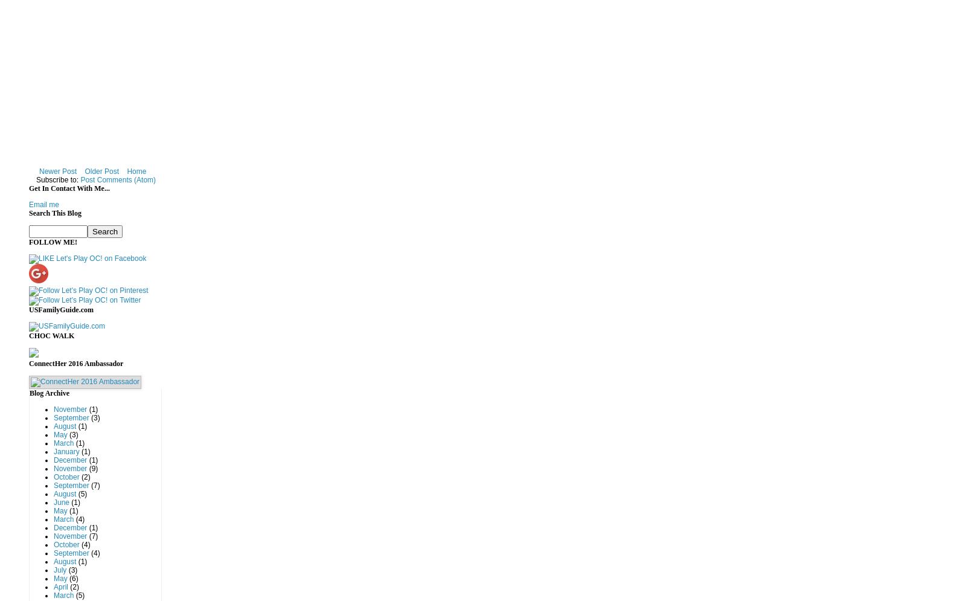 Image resolution: width=971 pixels, height=601 pixels. What do you see at coordinates (101, 170) in the screenshot?
I see `'Older Post'` at bounding box center [101, 170].